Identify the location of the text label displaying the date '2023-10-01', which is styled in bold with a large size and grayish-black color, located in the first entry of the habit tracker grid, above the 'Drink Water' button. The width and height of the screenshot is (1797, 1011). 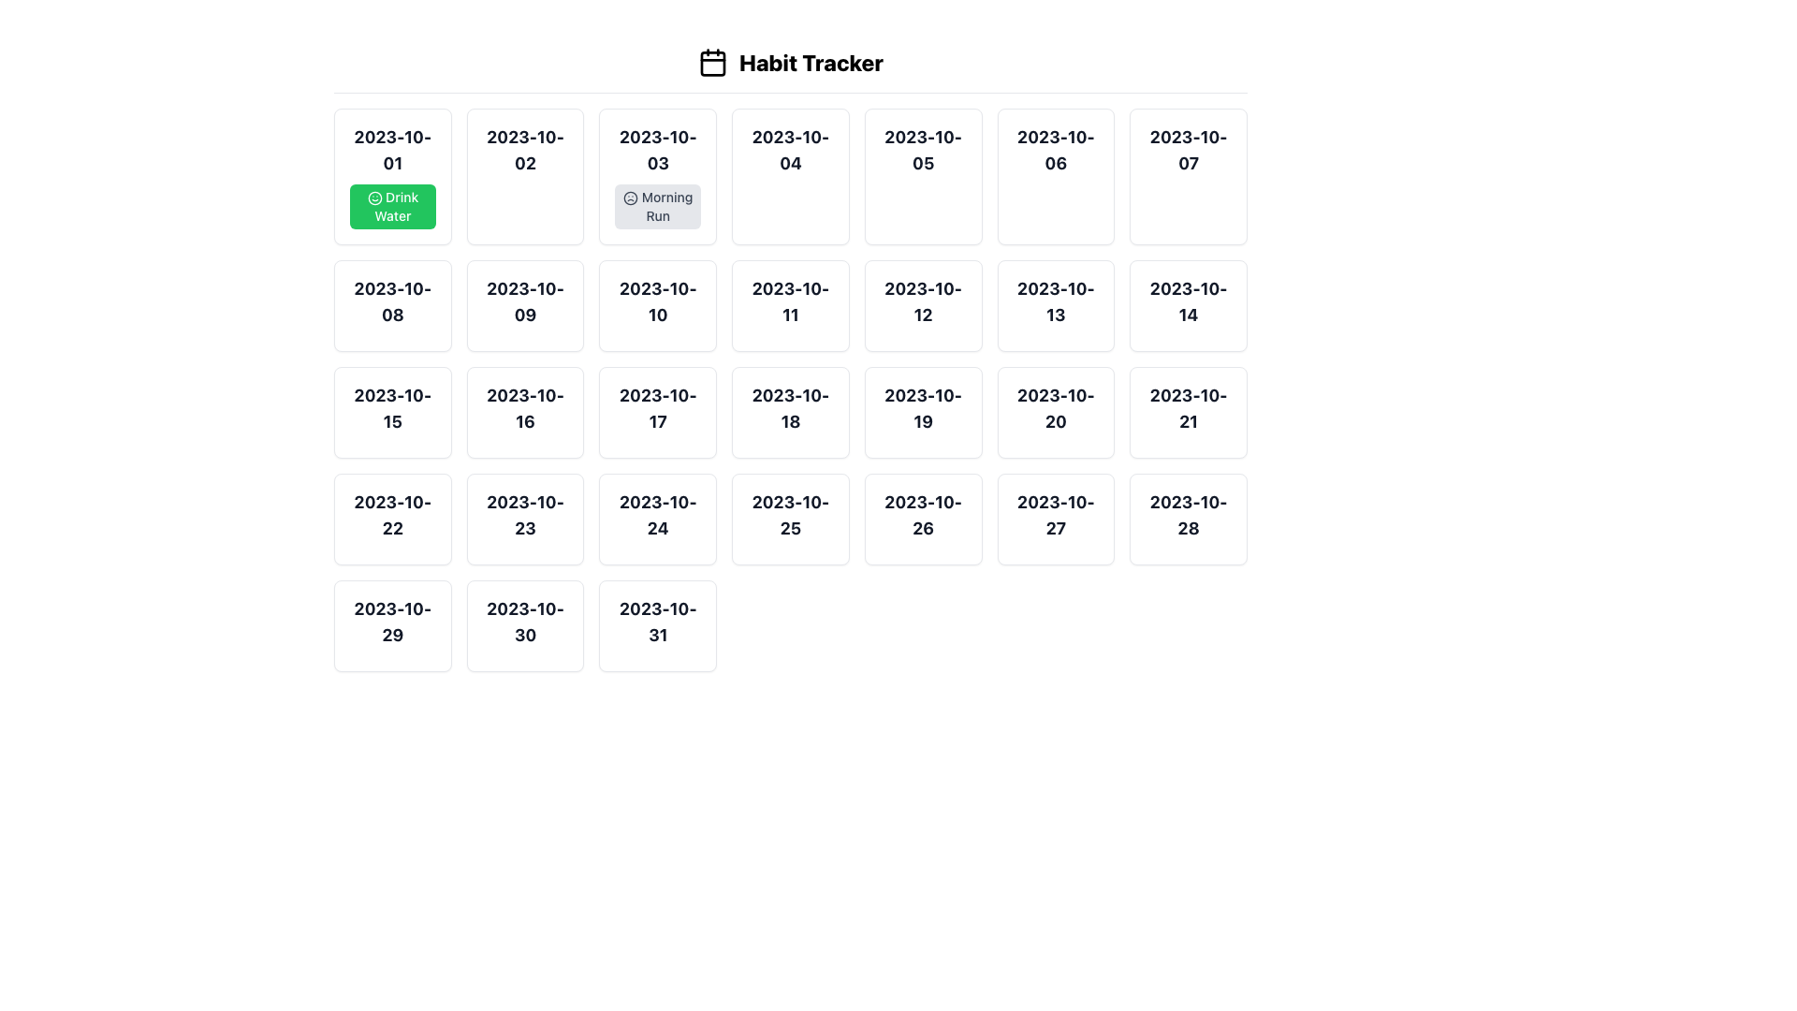
(391, 150).